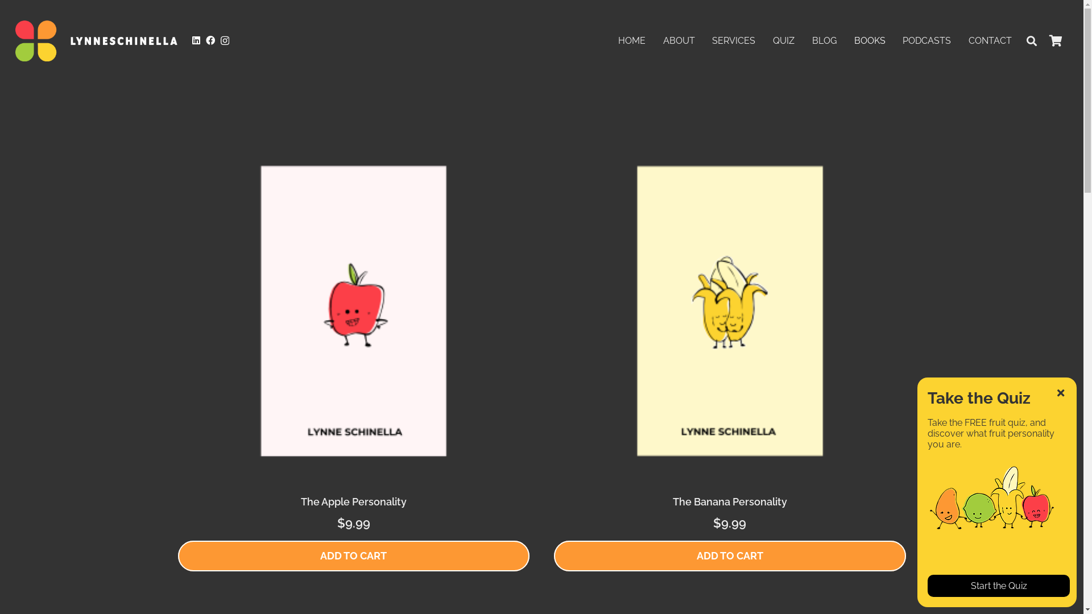 Image resolution: width=1092 pixels, height=614 pixels. What do you see at coordinates (998, 586) in the screenshot?
I see `'Start the Quiz'` at bounding box center [998, 586].